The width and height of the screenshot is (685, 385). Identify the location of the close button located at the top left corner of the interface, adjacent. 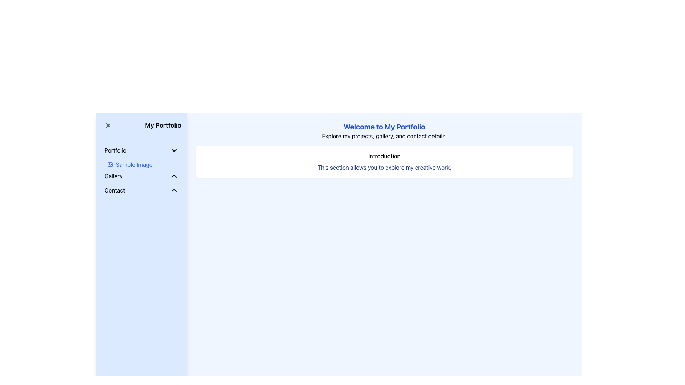
(107, 125).